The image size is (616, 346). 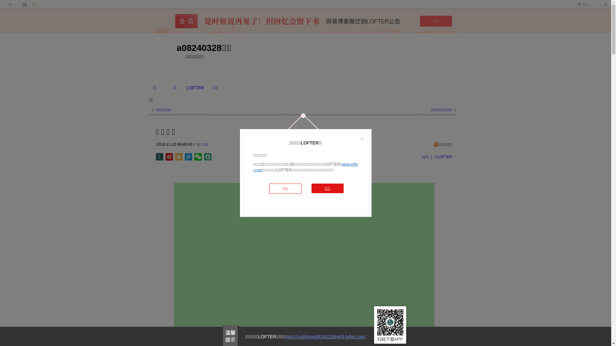 What do you see at coordinates (305, 167) in the screenshot?
I see `'www.lofter.com'` at bounding box center [305, 167].